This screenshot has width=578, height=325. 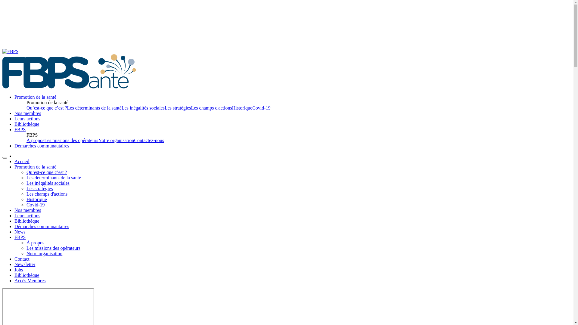 I want to click on 'Notre organisation', so click(x=44, y=253).